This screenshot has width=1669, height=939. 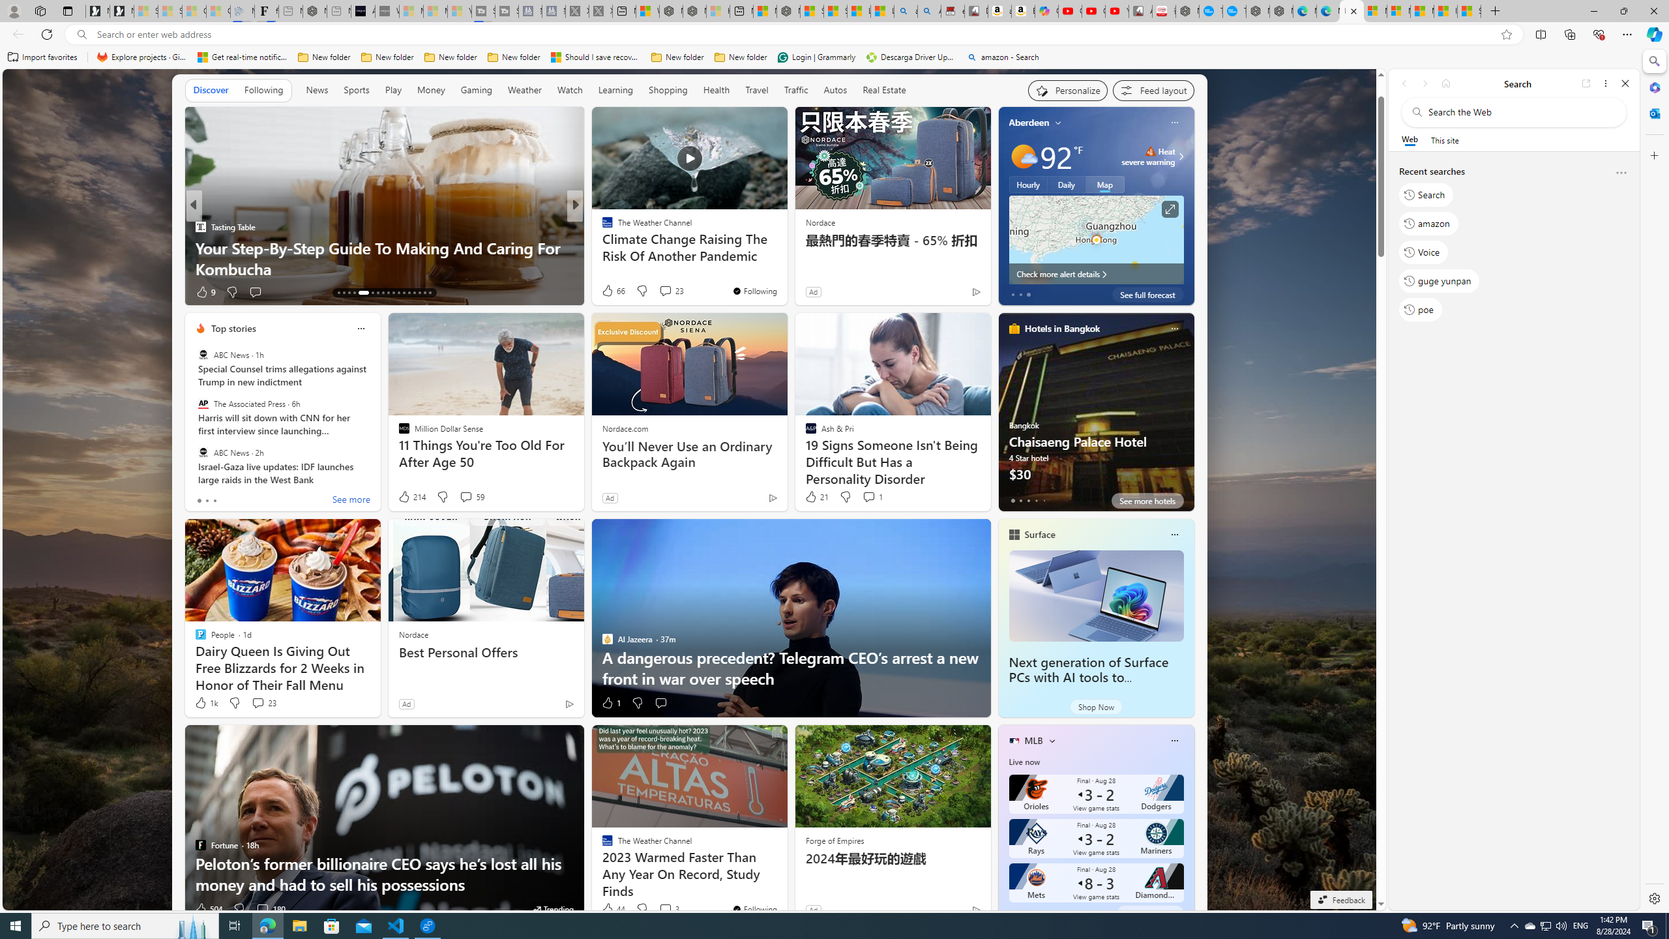 I want to click on 'Search the web', so click(x=1520, y=112).